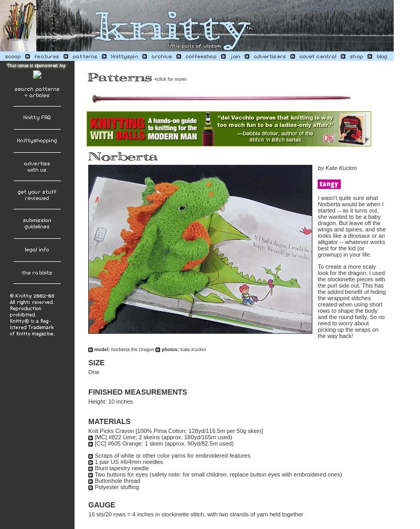  Describe the element at coordinates (96, 362) in the screenshot. I see `'SIZE'` at that location.